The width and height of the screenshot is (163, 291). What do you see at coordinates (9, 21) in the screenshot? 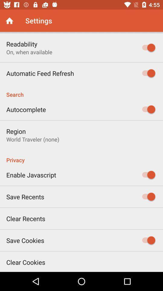
I see `go home` at bounding box center [9, 21].